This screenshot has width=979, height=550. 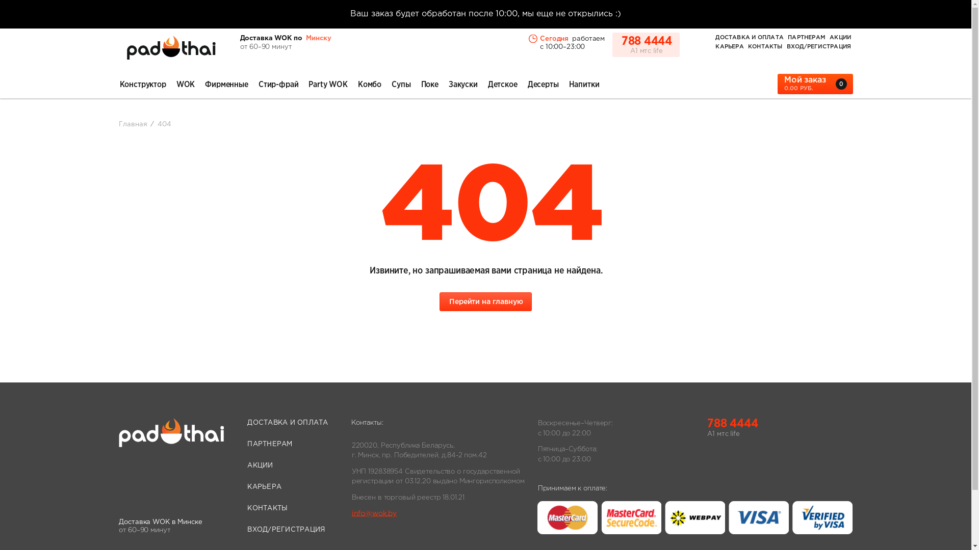 What do you see at coordinates (185, 84) in the screenshot?
I see `'WOK'` at bounding box center [185, 84].